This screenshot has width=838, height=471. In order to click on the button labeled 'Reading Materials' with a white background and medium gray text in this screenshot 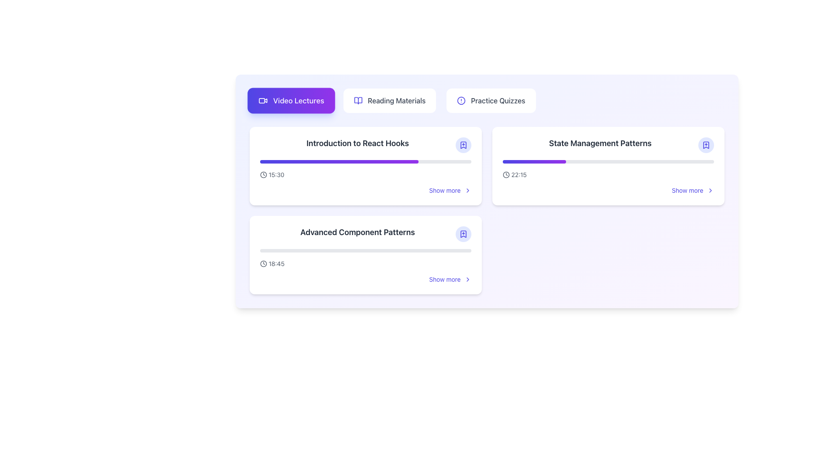, I will do `click(389, 100)`.